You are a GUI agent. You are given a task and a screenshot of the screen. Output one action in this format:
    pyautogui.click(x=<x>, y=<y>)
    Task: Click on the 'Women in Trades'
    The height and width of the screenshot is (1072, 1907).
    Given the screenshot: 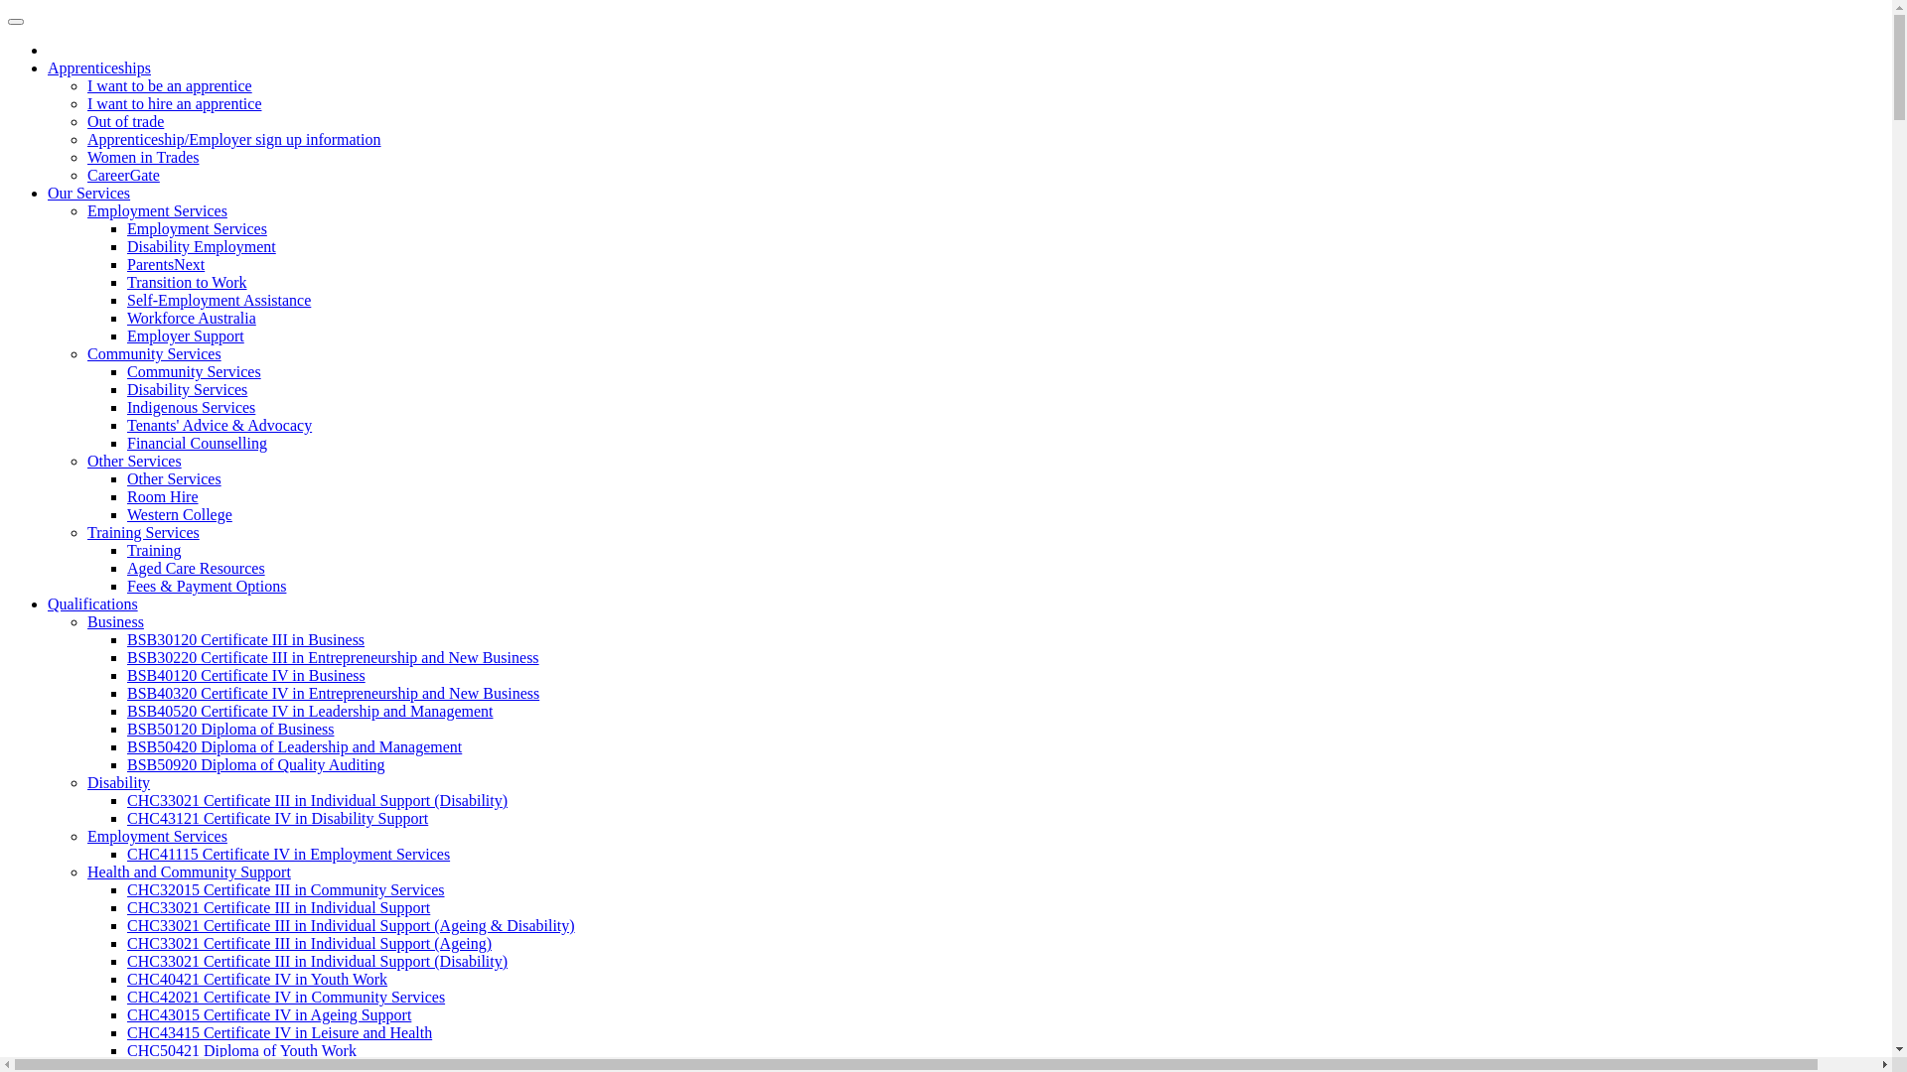 What is the action you would take?
    pyautogui.click(x=142, y=156)
    